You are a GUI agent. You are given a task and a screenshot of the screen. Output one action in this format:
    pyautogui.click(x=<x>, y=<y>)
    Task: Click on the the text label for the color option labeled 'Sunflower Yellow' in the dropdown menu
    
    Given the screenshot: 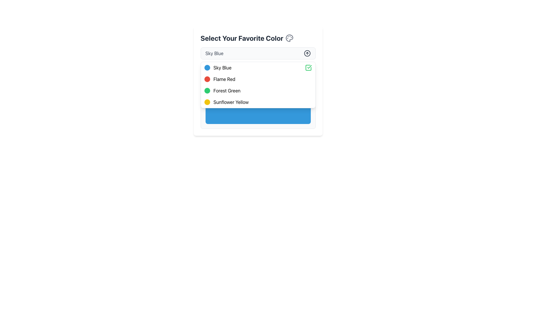 What is the action you would take?
    pyautogui.click(x=231, y=102)
    